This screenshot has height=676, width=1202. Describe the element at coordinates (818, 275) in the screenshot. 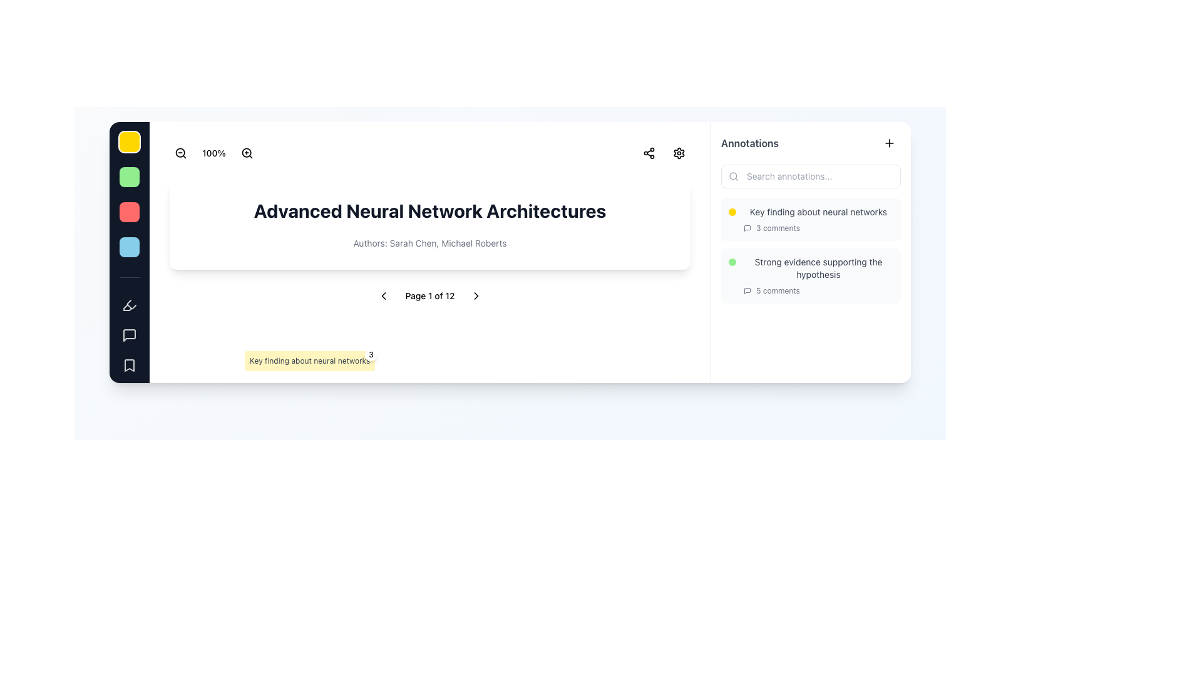

I see `the second annotation list item titled 'Strong evidence supporting the hypothesis'` at that location.